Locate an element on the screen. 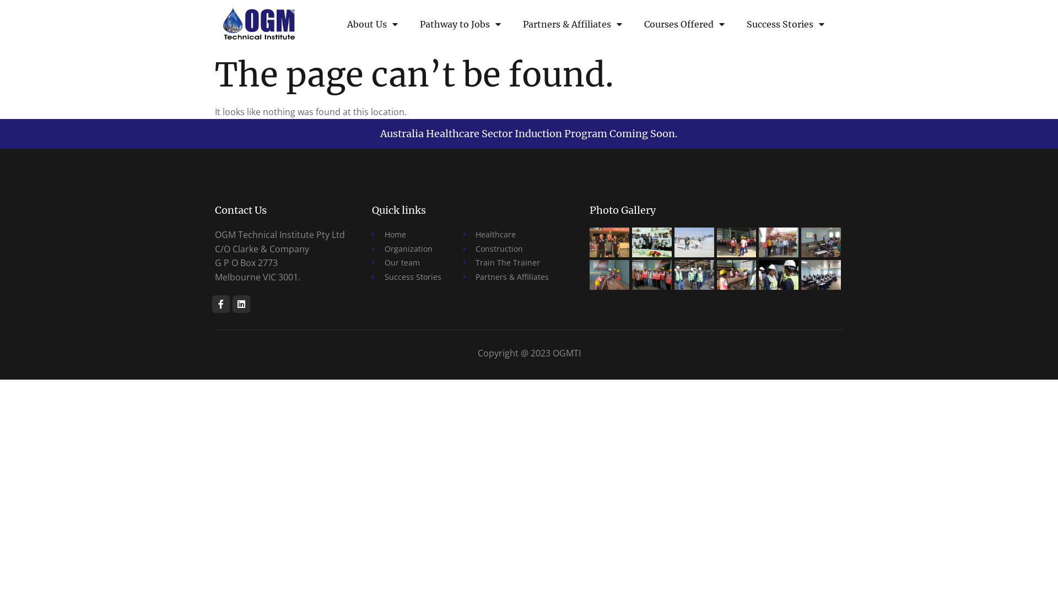  'Healthcare' is located at coordinates (463, 234).